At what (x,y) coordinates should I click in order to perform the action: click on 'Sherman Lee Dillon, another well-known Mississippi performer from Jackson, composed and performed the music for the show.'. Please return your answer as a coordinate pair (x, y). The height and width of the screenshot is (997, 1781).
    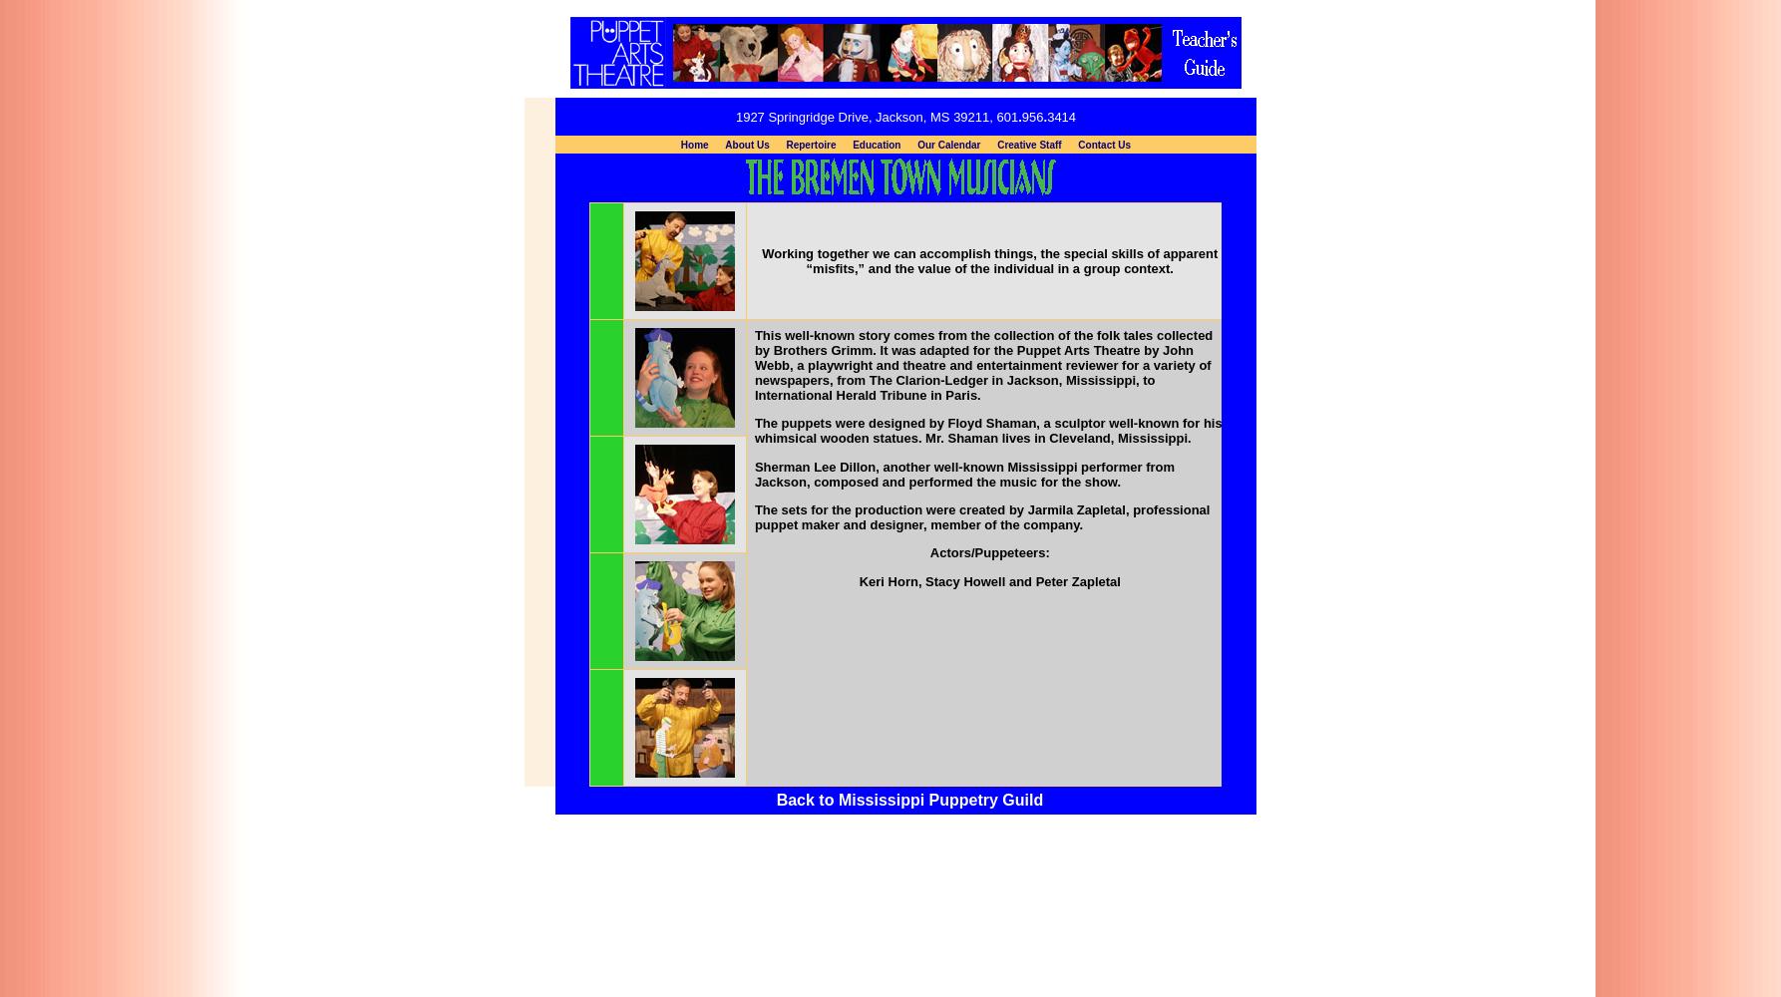
    Looking at the image, I should click on (753, 473).